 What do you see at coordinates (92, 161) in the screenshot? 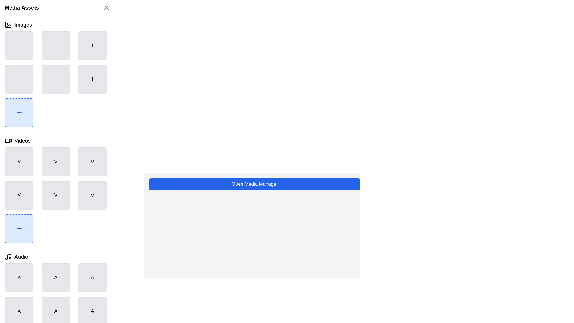
I see `the square button with a soft gray background containing the letter 'V' in black bold text, located in the top-right corner of the grid's first row under the 'Videos' section` at bounding box center [92, 161].